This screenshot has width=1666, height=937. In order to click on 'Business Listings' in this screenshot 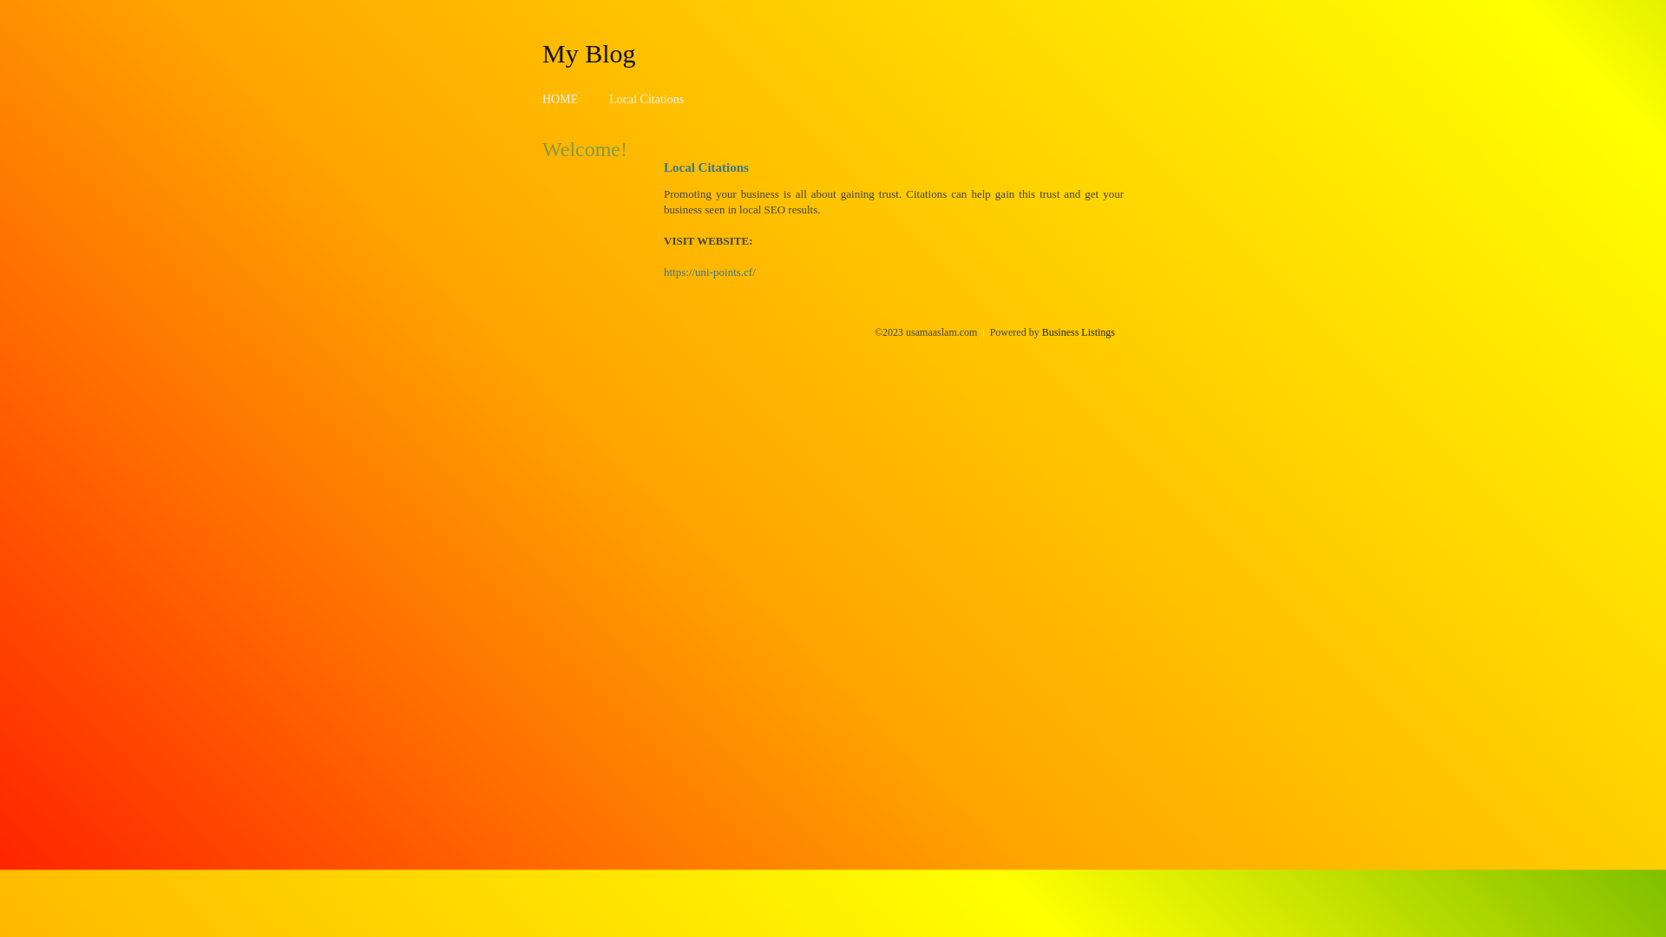, I will do `click(1041, 331)`.